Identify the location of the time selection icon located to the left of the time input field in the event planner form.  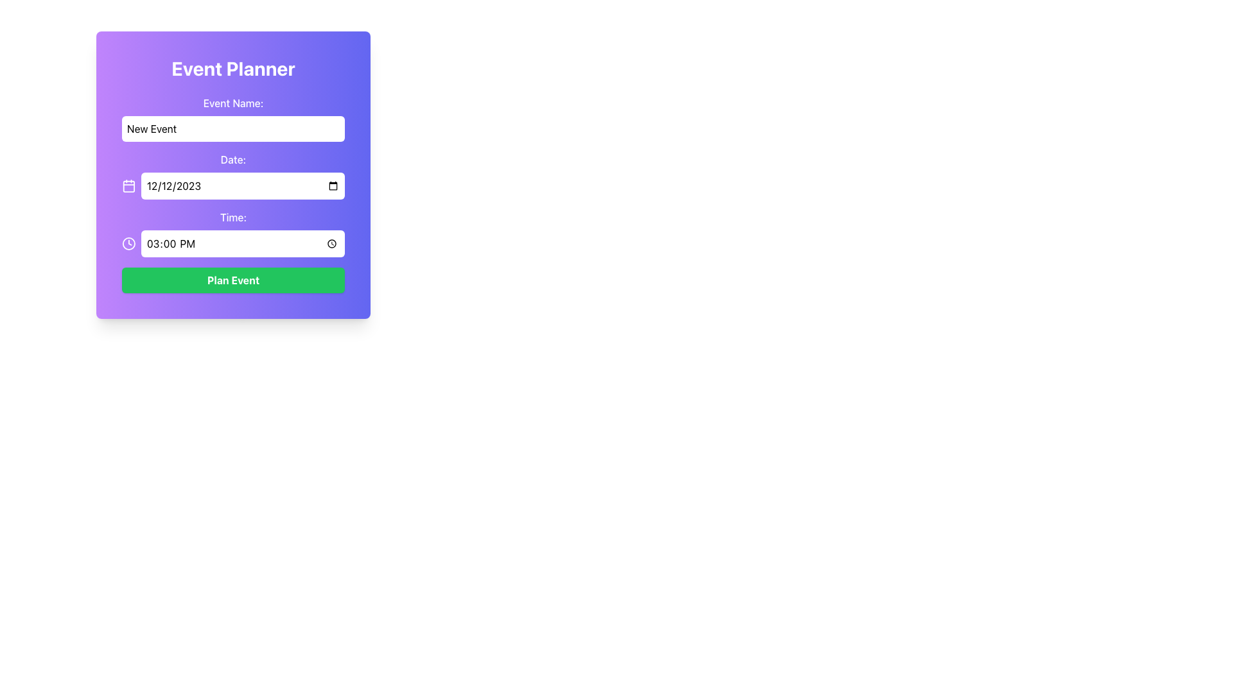
(128, 244).